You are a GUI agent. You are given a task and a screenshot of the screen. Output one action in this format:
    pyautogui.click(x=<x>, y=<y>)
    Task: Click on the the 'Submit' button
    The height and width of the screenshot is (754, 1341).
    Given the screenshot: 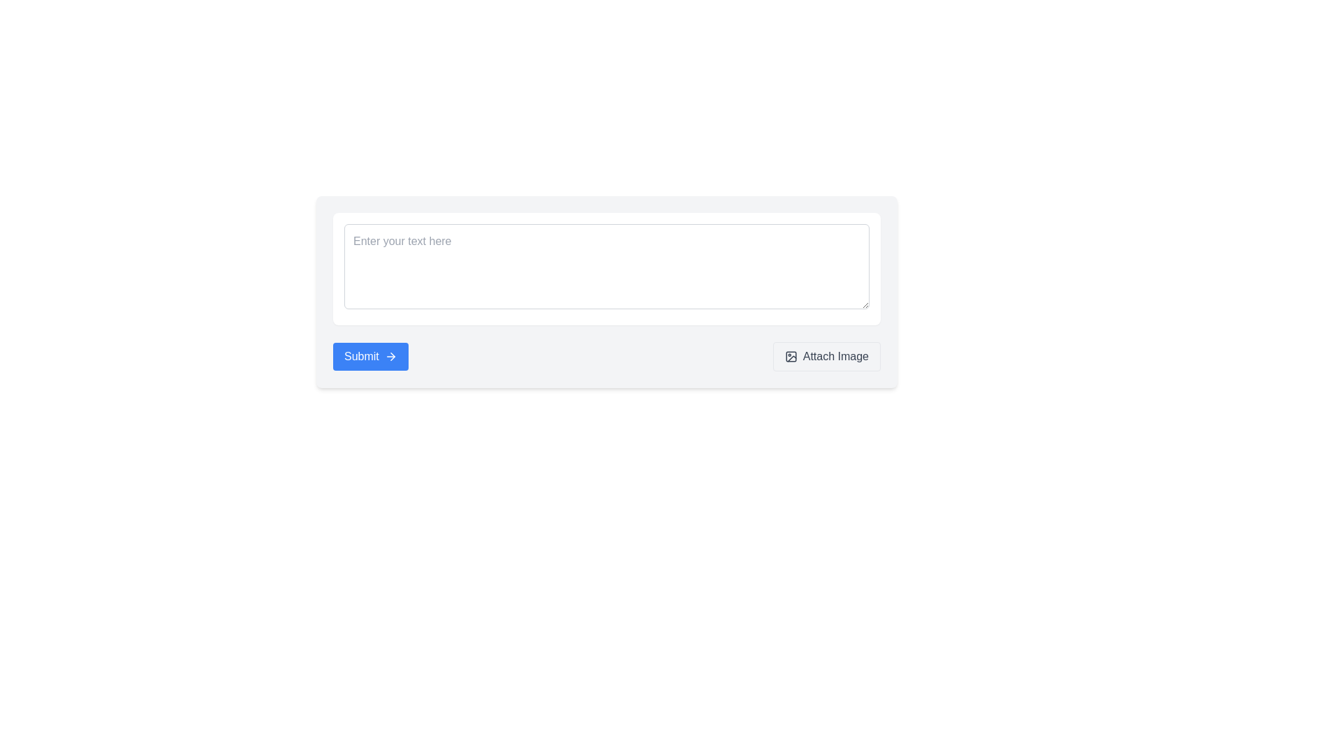 What is the action you would take?
    pyautogui.click(x=370, y=355)
    